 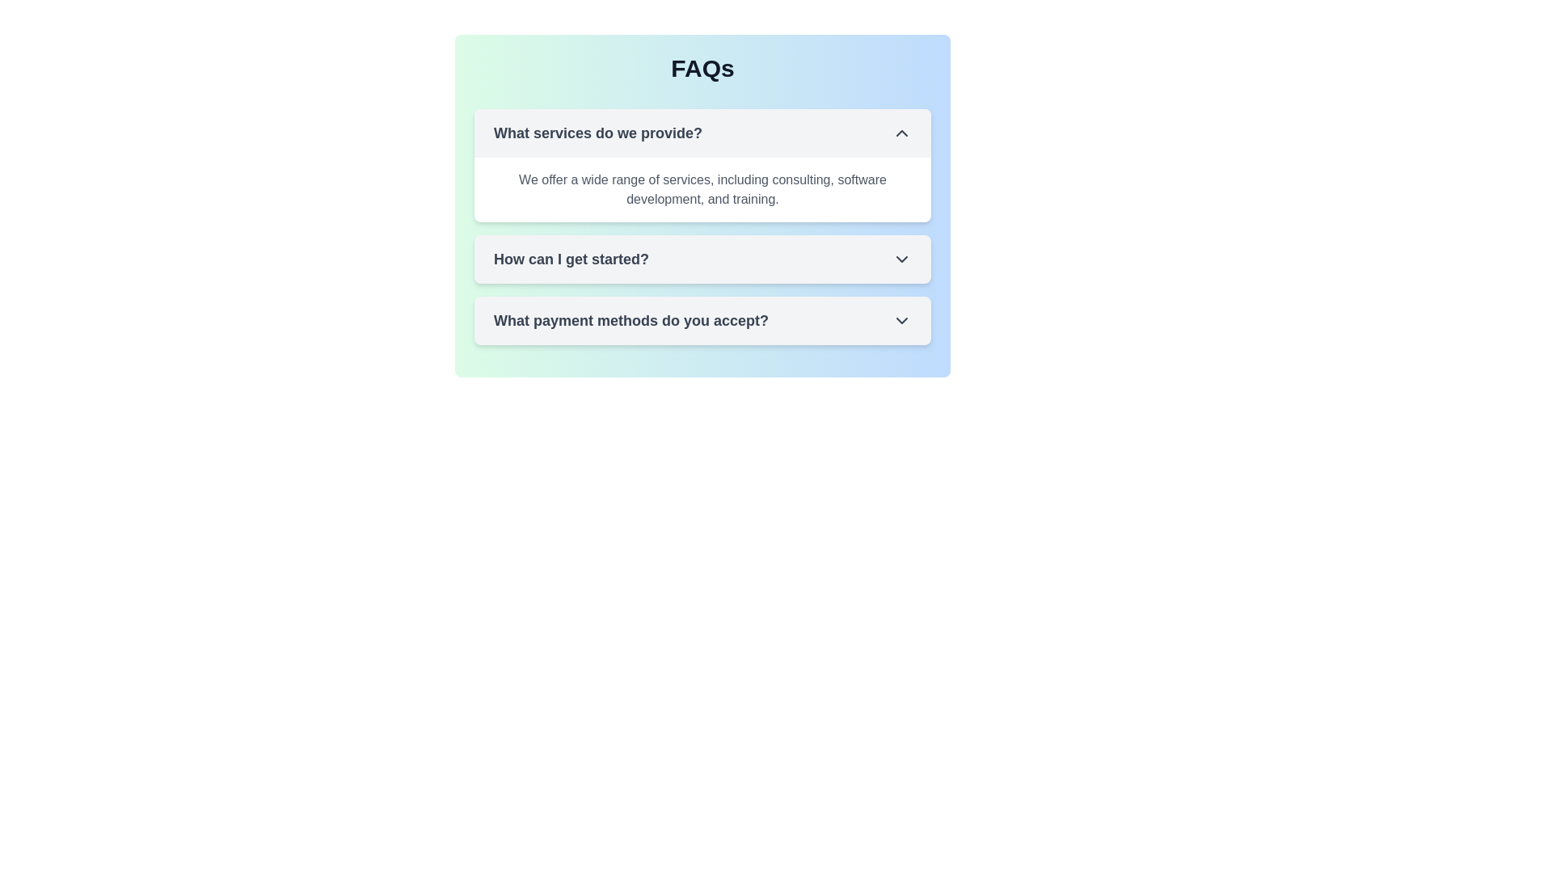 I want to click on the Interactive FAQ header titled 'What payment methods do you accept?', so click(x=702, y=321).